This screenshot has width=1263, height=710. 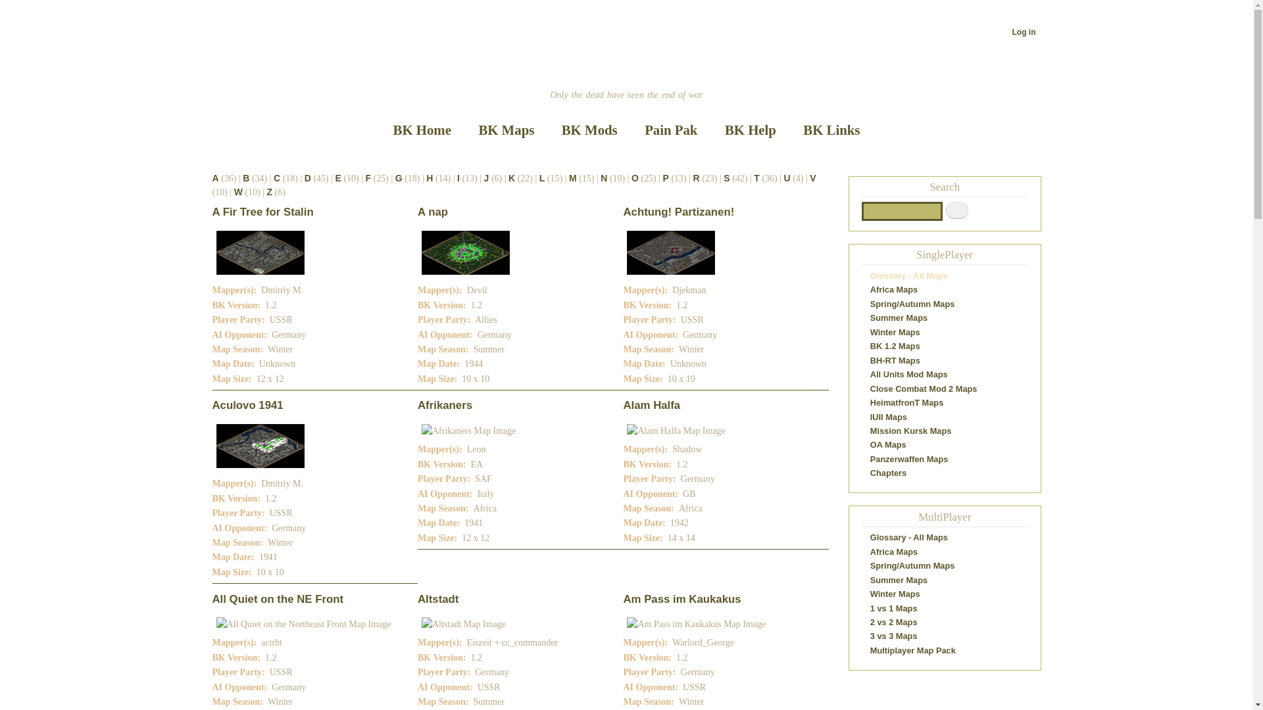 What do you see at coordinates (238, 192) in the screenshot?
I see `'W'` at bounding box center [238, 192].